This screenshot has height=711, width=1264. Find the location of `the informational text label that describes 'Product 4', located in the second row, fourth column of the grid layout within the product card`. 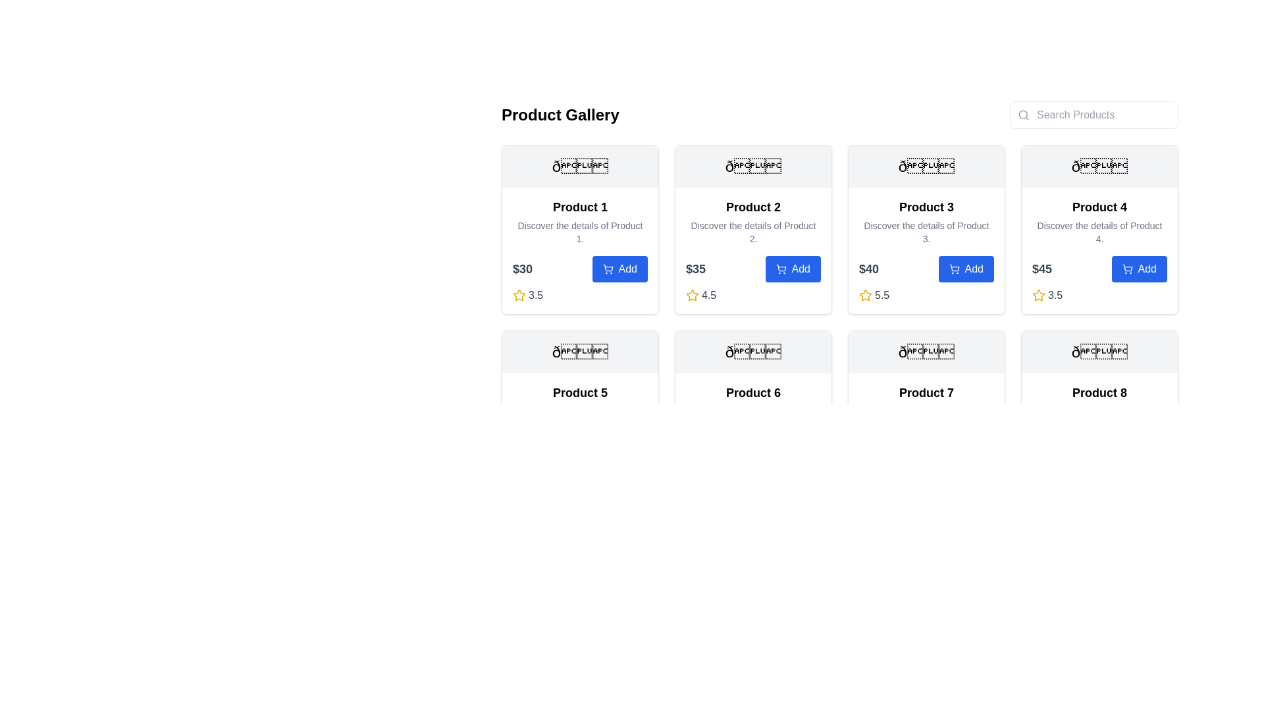

the informational text label that describes 'Product 4', located in the second row, fourth column of the grid layout within the product card is located at coordinates (1099, 232).